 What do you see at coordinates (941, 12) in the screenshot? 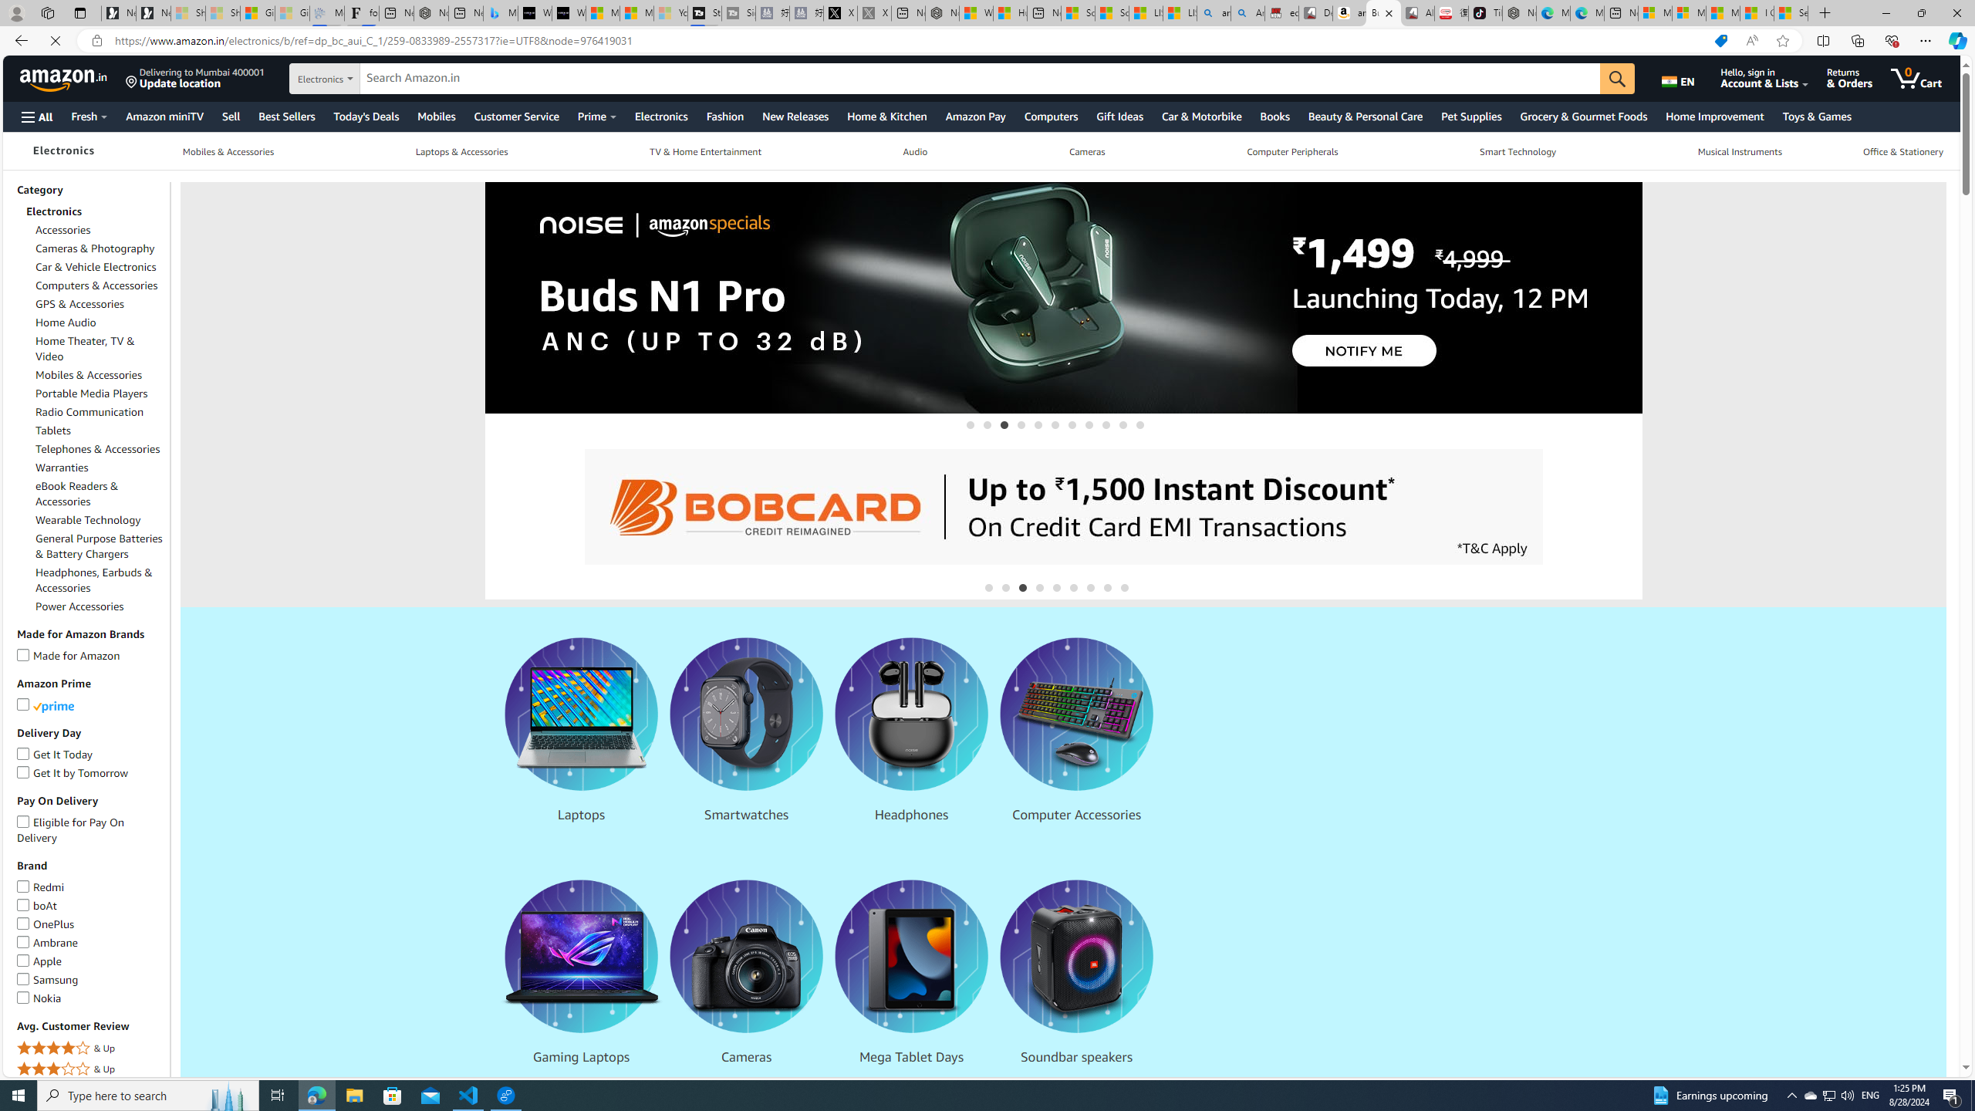
I see `'Nordace - My Account'` at bounding box center [941, 12].